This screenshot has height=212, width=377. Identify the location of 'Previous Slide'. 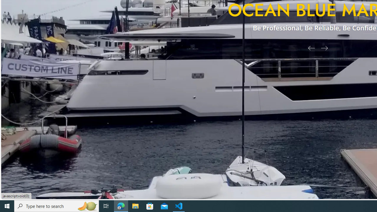
(309, 47).